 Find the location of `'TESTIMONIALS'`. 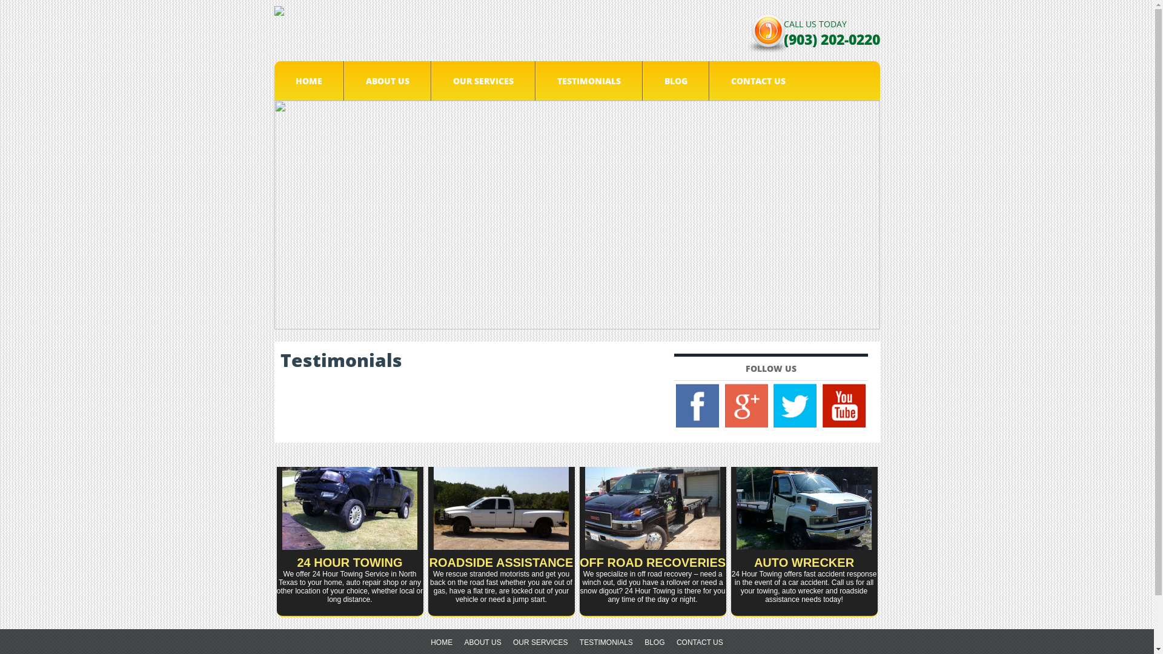

'TESTIMONIALS' is located at coordinates (606, 641).